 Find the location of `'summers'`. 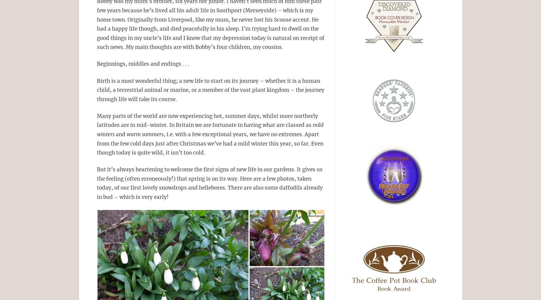

'summers' is located at coordinates (152, 134).